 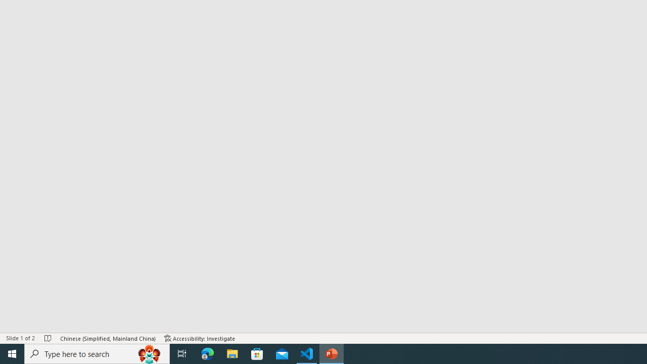 I want to click on 'Search highlights icon opens search home window', so click(x=149, y=353).